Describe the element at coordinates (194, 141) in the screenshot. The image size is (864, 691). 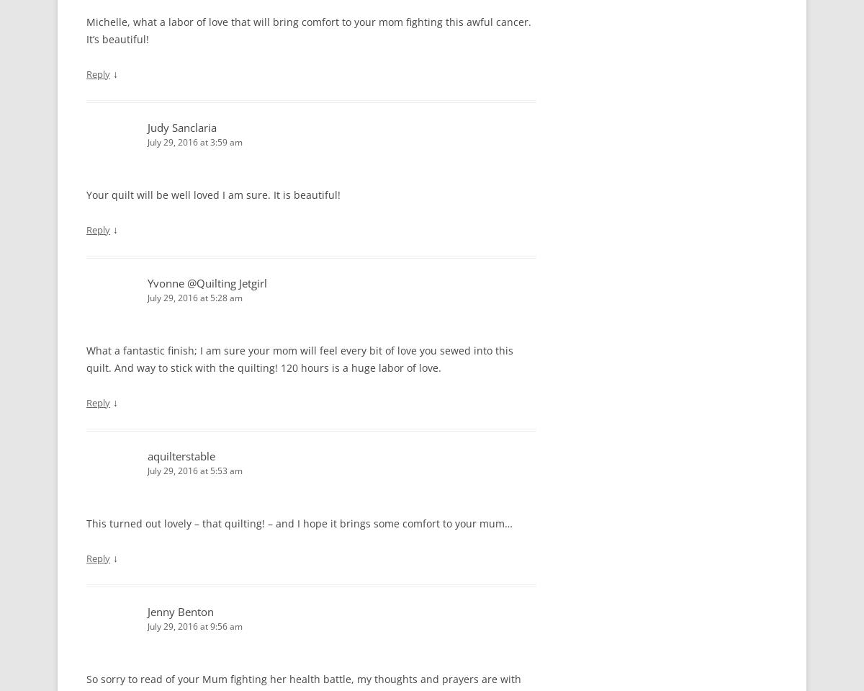
I see `'July 29, 2016 at 3:59 am'` at that location.